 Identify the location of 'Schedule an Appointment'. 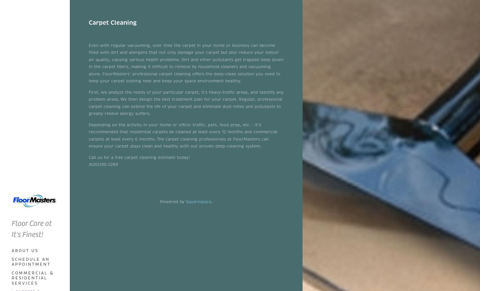
(31, 262).